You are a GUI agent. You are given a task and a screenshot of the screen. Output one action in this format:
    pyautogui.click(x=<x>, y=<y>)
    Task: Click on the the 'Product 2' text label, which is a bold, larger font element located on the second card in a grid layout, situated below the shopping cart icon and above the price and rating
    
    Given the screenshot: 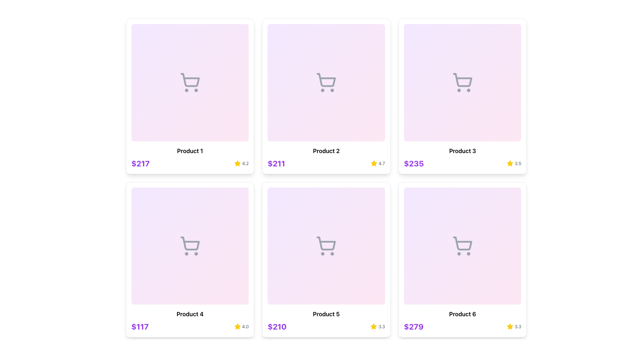 What is the action you would take?
    pyautogui.click(x=326, y=151)
    